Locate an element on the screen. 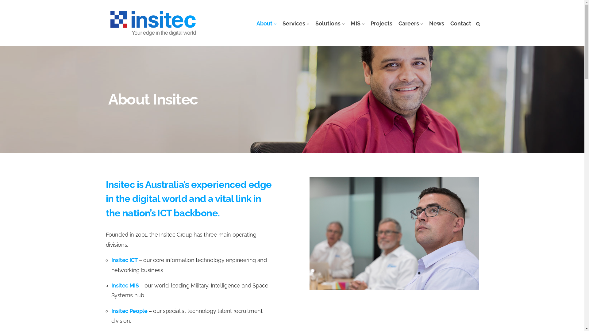 The width and height of the screenshot is (589, 331). 'News' is located at coordinates (436, 23).